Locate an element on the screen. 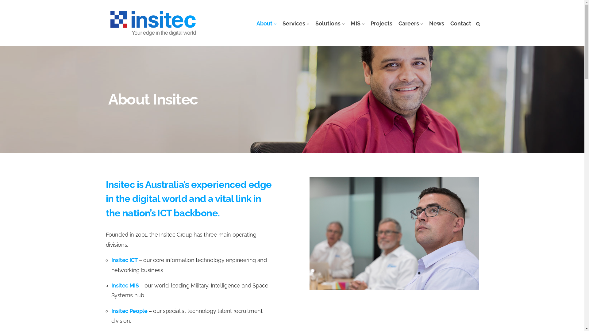 The width and height of the screenshot is (589, 331). 'News' is located at coordinates (436, 23).